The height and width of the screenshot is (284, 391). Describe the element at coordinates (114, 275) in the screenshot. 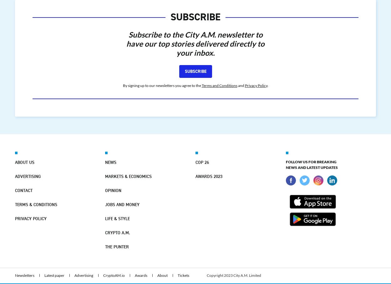

I see `'CryptoAM.io'` at that location.